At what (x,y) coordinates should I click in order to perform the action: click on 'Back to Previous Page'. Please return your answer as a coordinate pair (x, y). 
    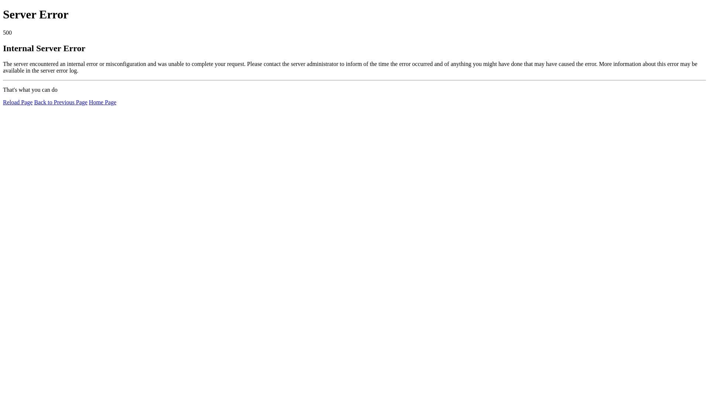
    Looking at the image, I should click on (33, 102).